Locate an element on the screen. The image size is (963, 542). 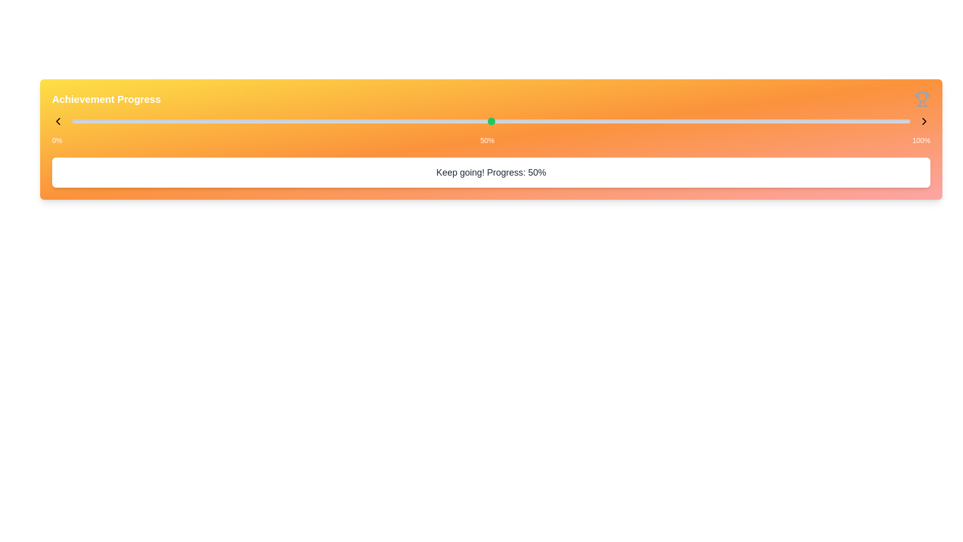
the notification-like text box that displays 'Keep going! Progress: 50%' and is centered below the progress bar is located at coordinates (491, 172).